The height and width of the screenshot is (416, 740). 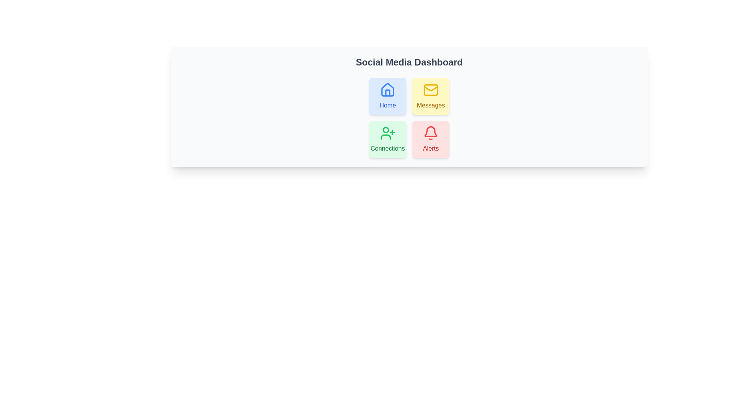 I want to click on the navigation button for accessing the 'Connections' section located in the bottom-left corner of the grid layout, so click(x=388, y=139).